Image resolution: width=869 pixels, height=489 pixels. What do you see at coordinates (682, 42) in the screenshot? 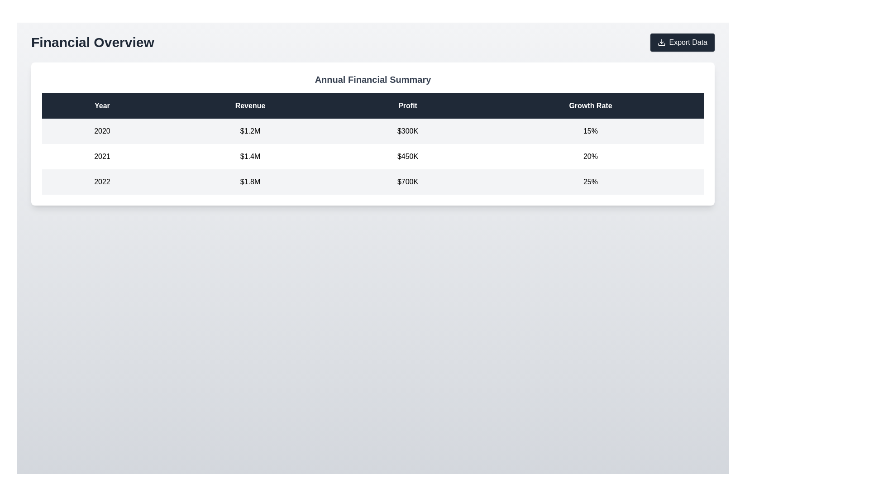
I see `the 'Export Data' button to download the table content` at bounding box center [682, 42].